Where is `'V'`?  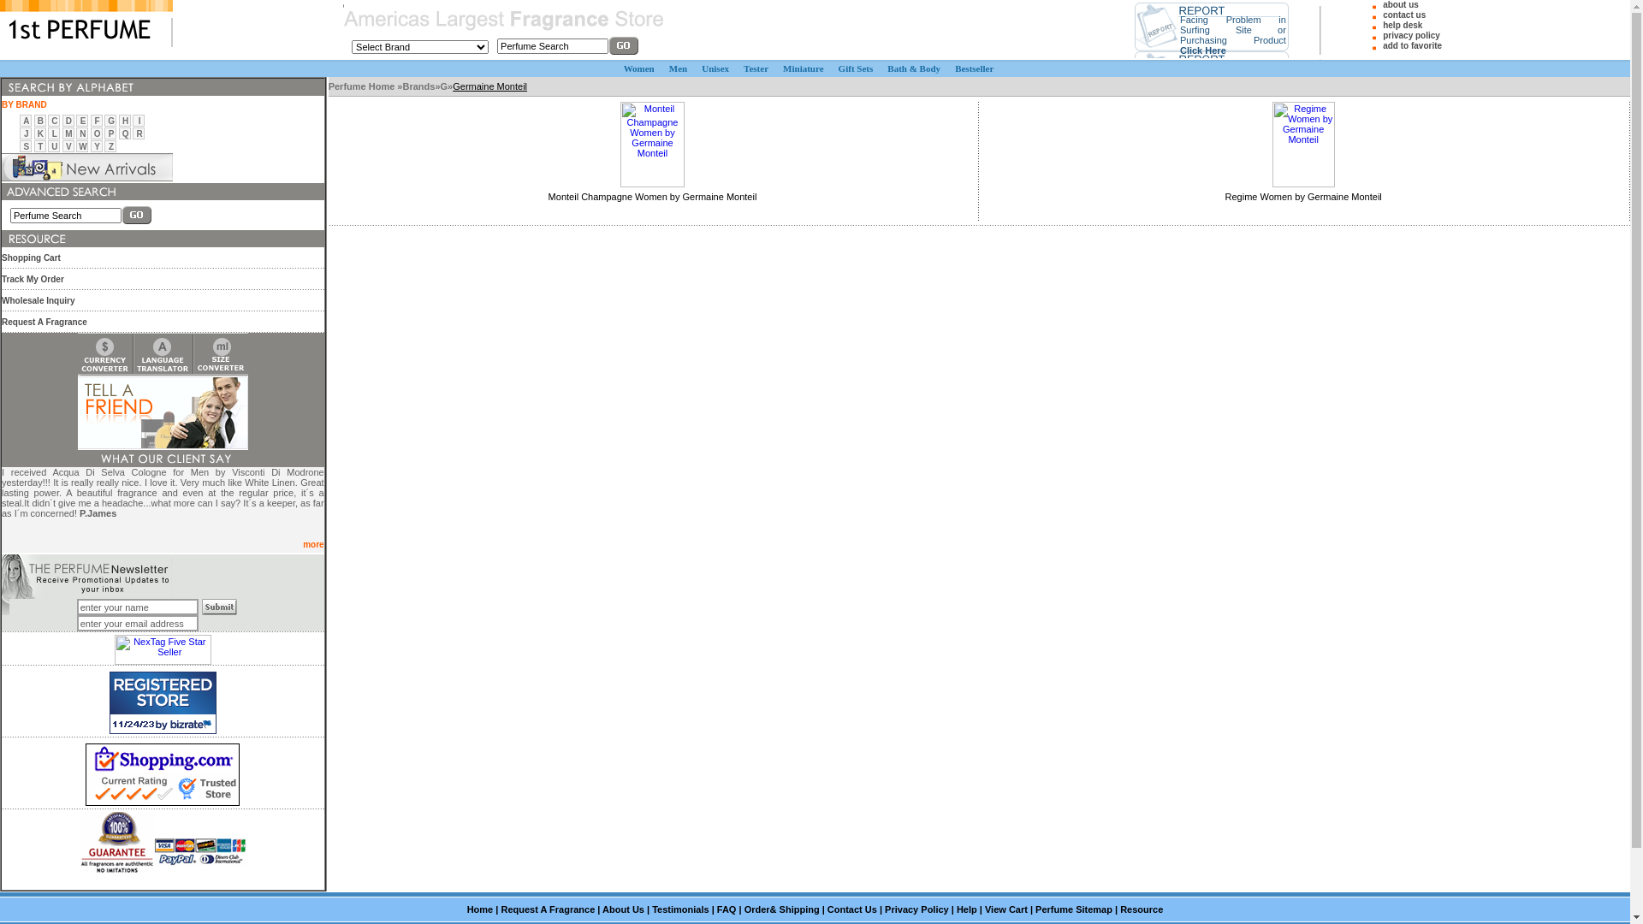
'V' is located at coordinates (65, 145).